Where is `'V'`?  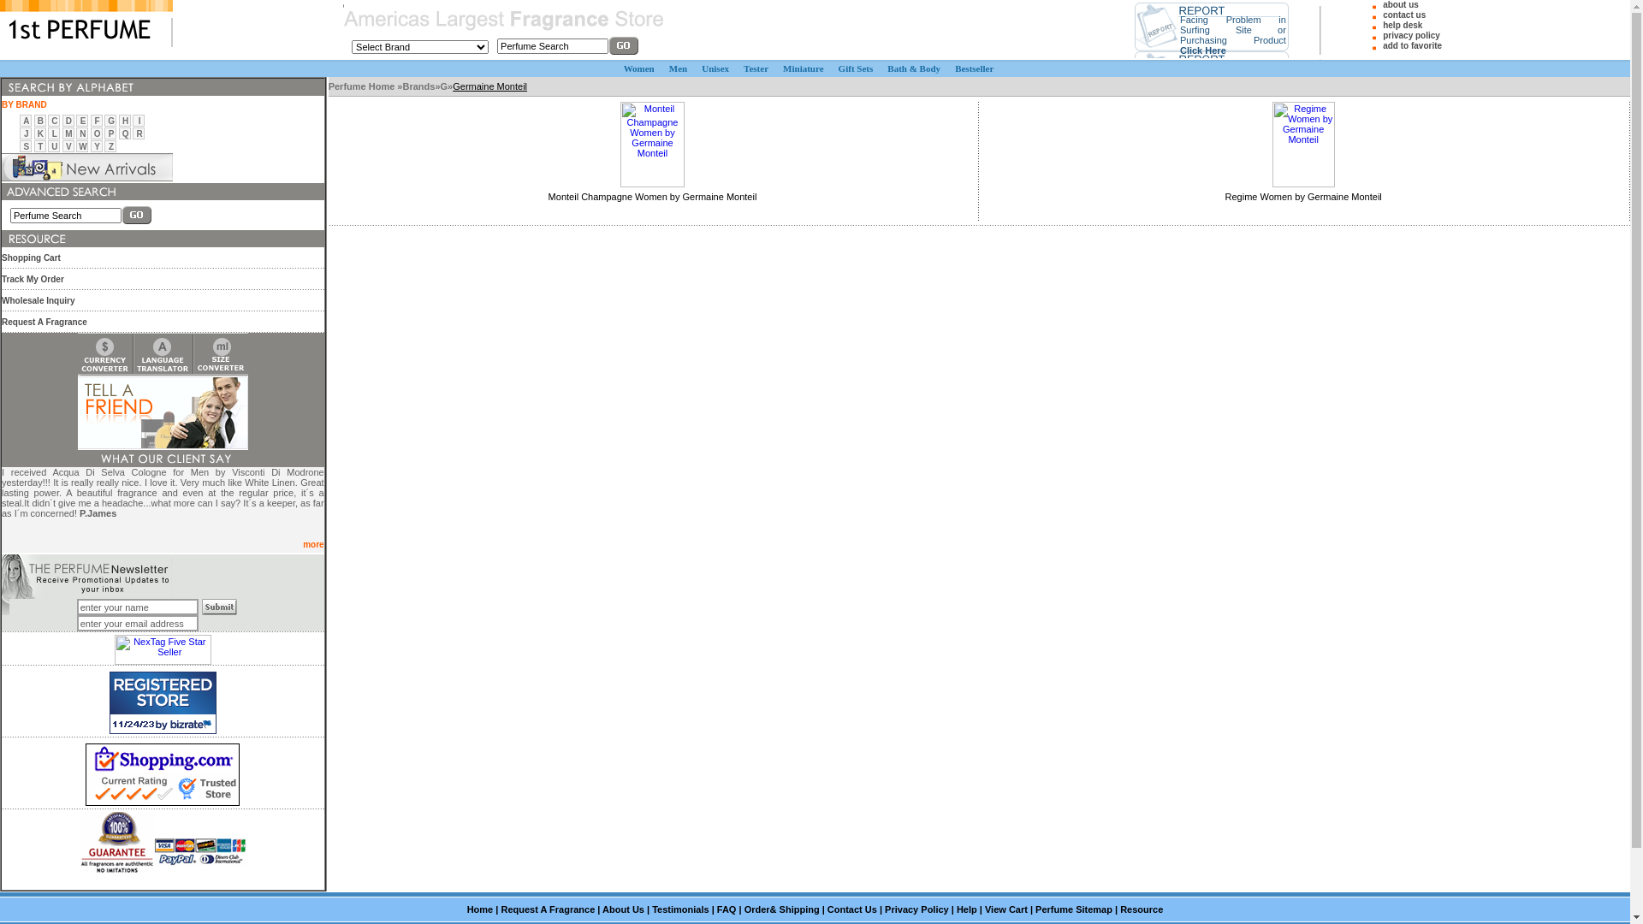
'V' is located at coordinates (65, 145).